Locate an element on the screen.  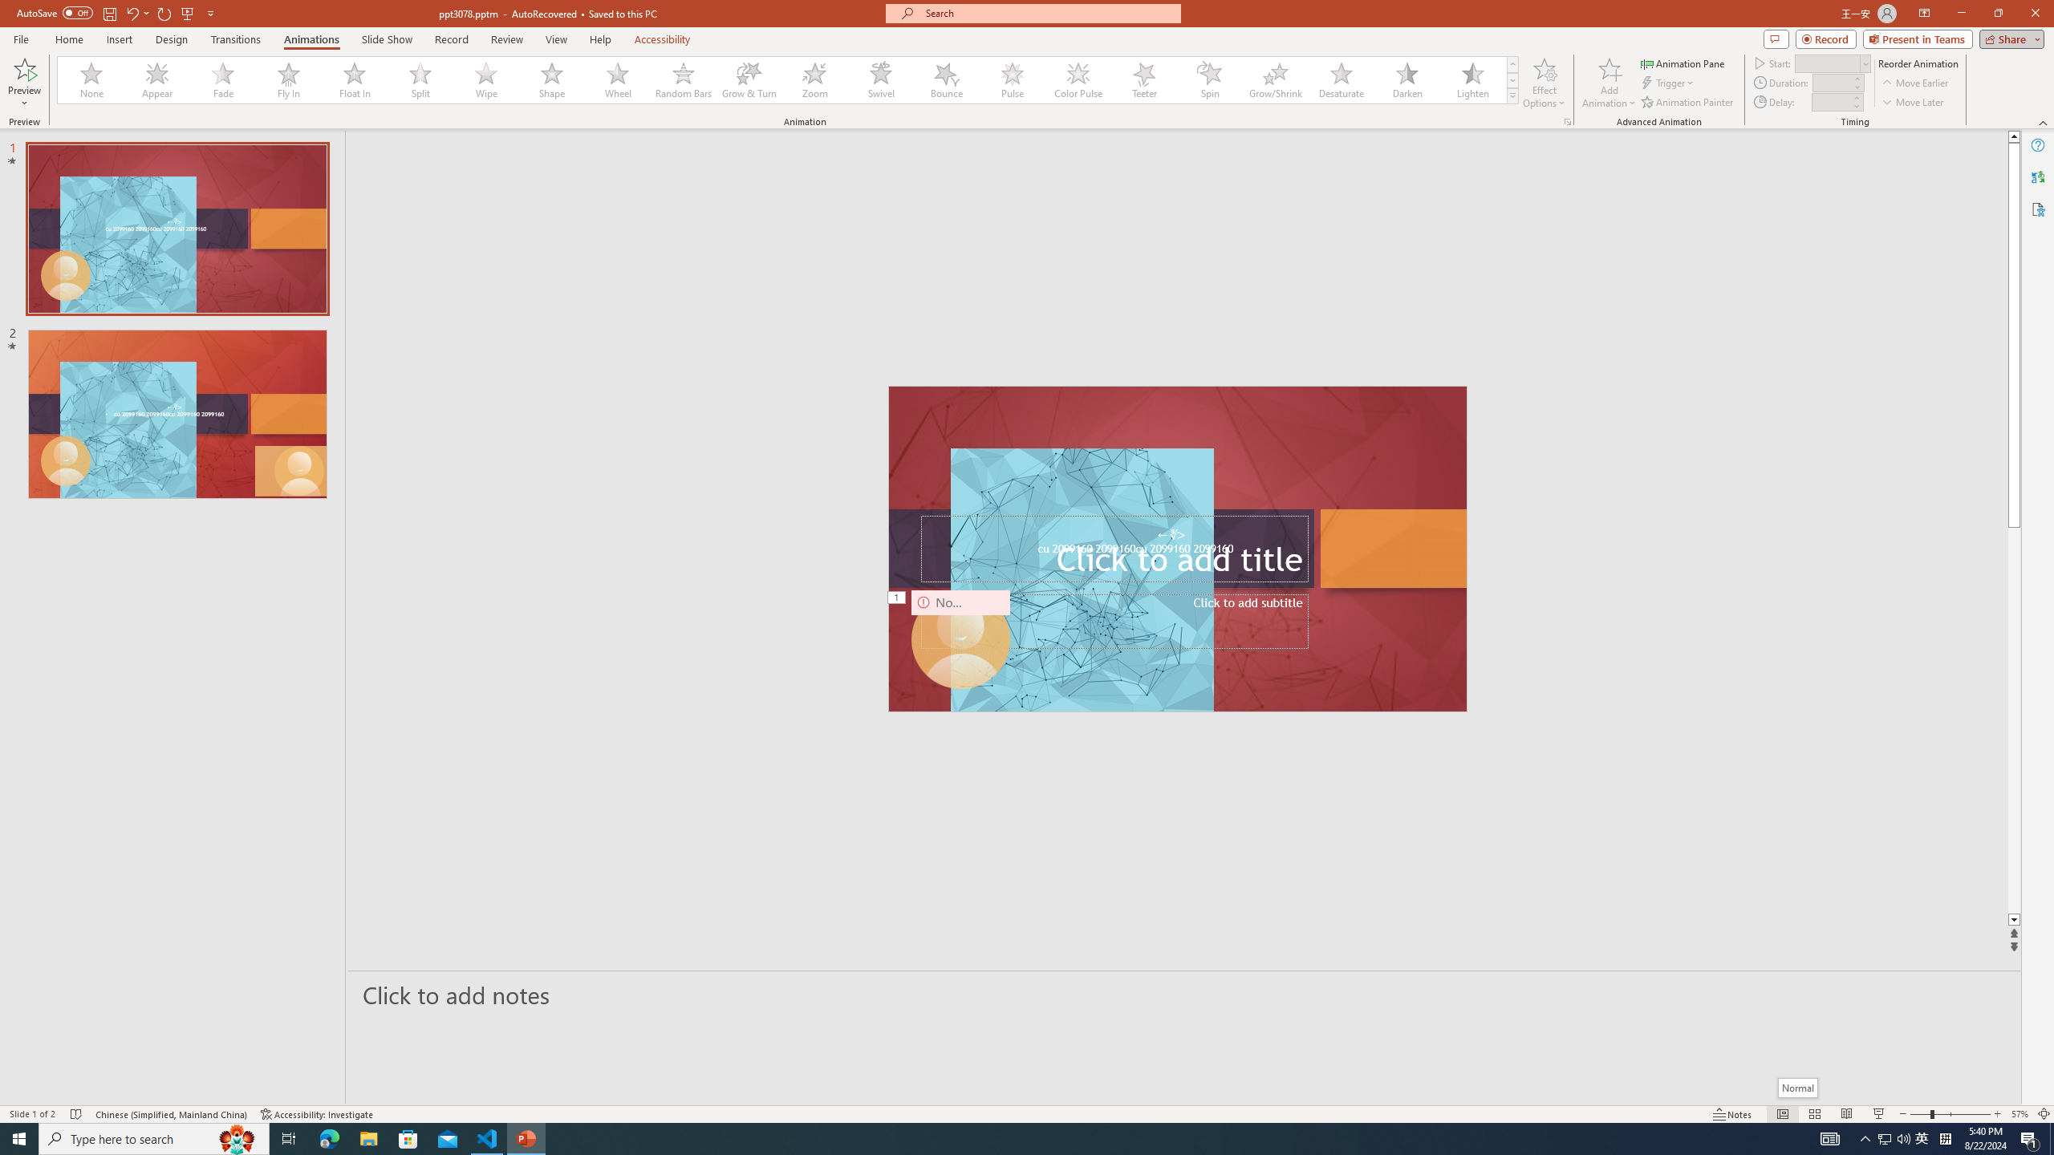
'Zoom 57%' is located at coordinates (2019, 1114).